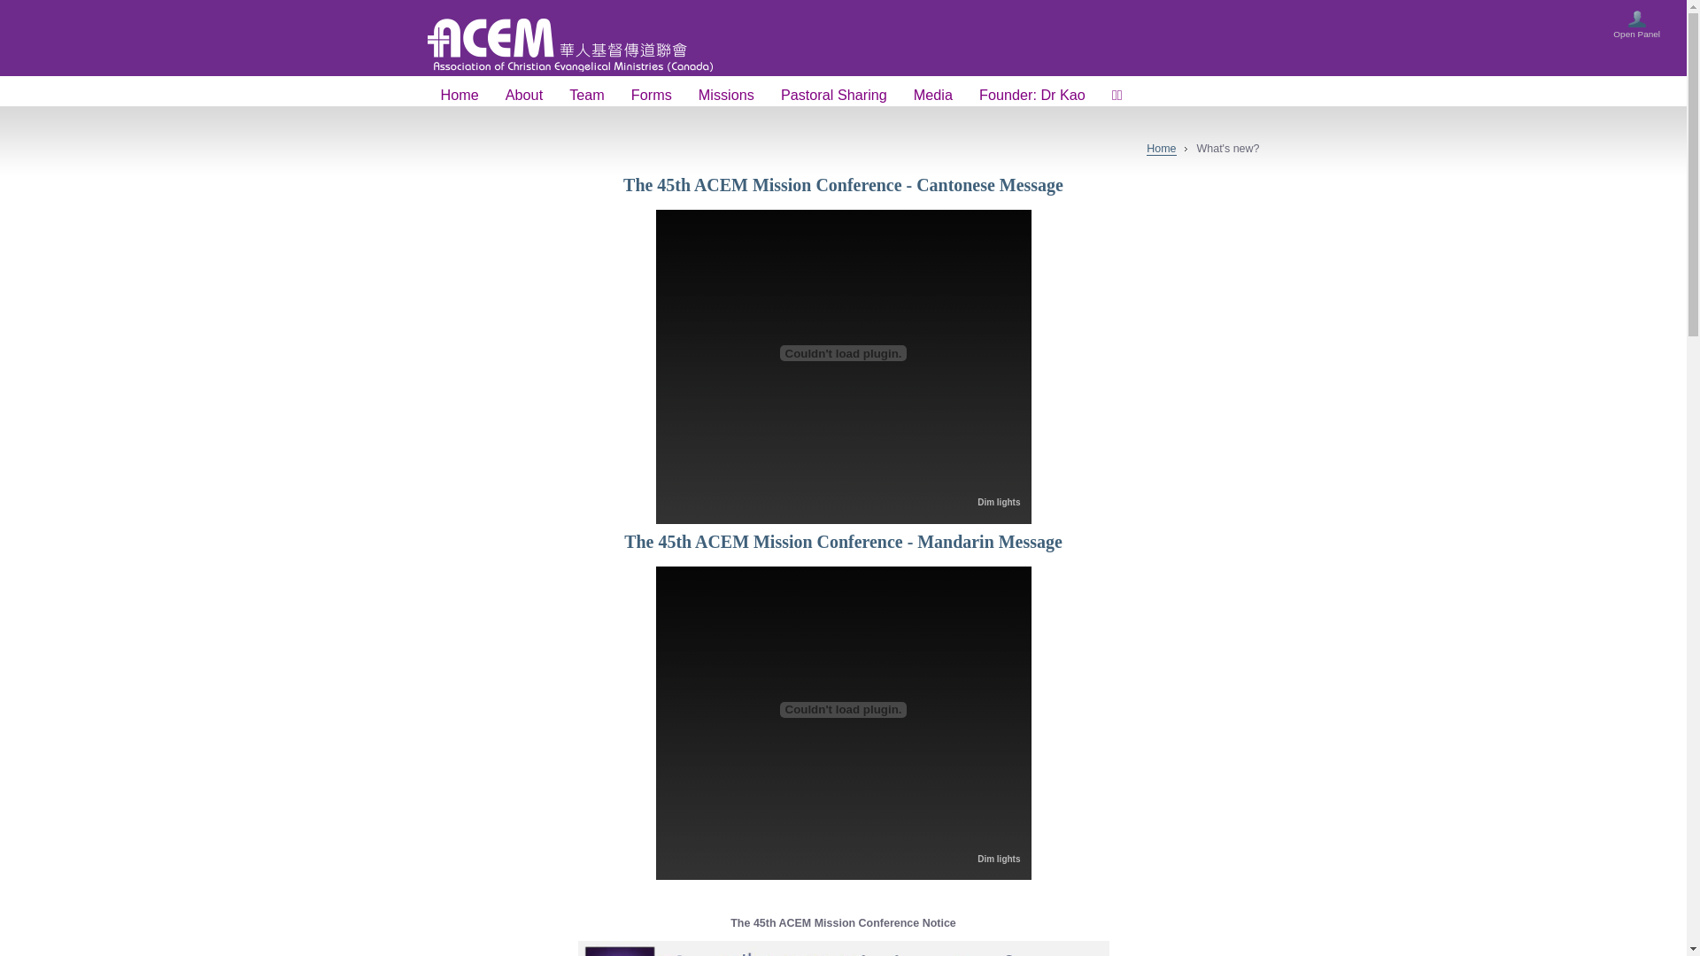 The image size is (1700, 956). I want to click on 'Team', so click(555, 96).